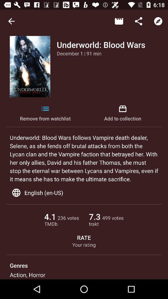  Describe the element at coordinates (27, 274) in the screenshot. I see `icon below the genres item` at that location.